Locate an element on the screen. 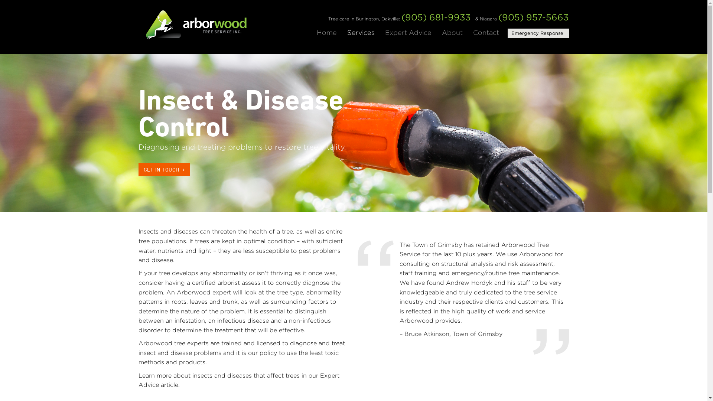 The width and height of the screenshot is (713, 401). 'Expert Advice' is located at coordinates (385, 32).